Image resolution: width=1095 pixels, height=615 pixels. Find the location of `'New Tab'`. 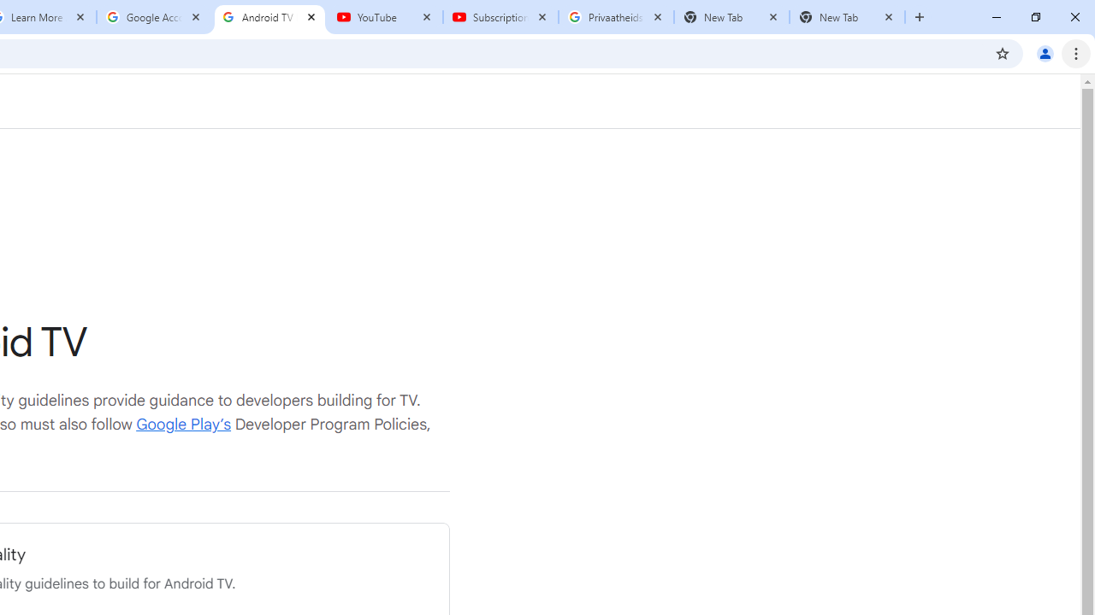

'New Tab' is located at coordinates (847, 17).